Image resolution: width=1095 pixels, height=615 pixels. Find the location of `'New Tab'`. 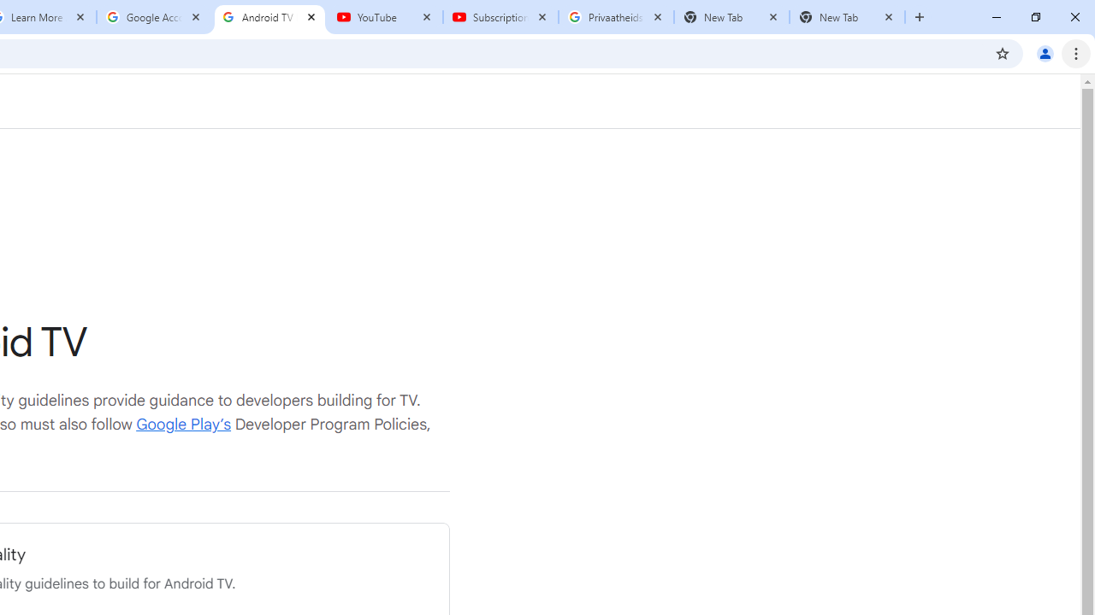

'New Tab' is located at coordinates (847, 17).